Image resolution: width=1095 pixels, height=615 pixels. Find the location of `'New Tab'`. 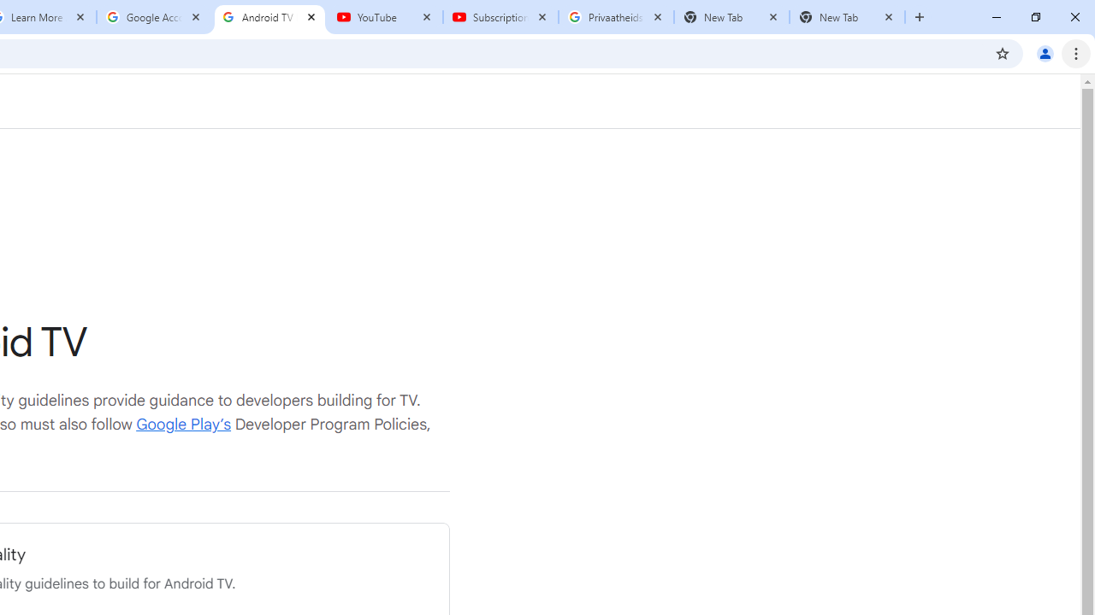

'New Tab' is located at coordinates (847, 17).